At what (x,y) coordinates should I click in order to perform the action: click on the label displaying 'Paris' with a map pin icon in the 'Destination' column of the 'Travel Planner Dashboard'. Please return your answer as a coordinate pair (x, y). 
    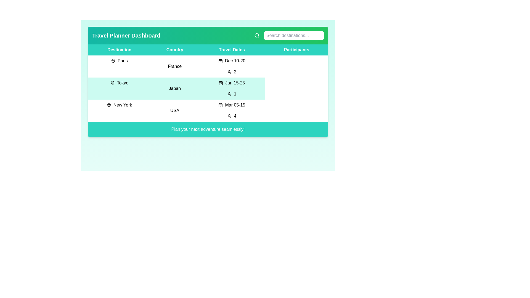
    Looking at the image, I should click on (119, 61).